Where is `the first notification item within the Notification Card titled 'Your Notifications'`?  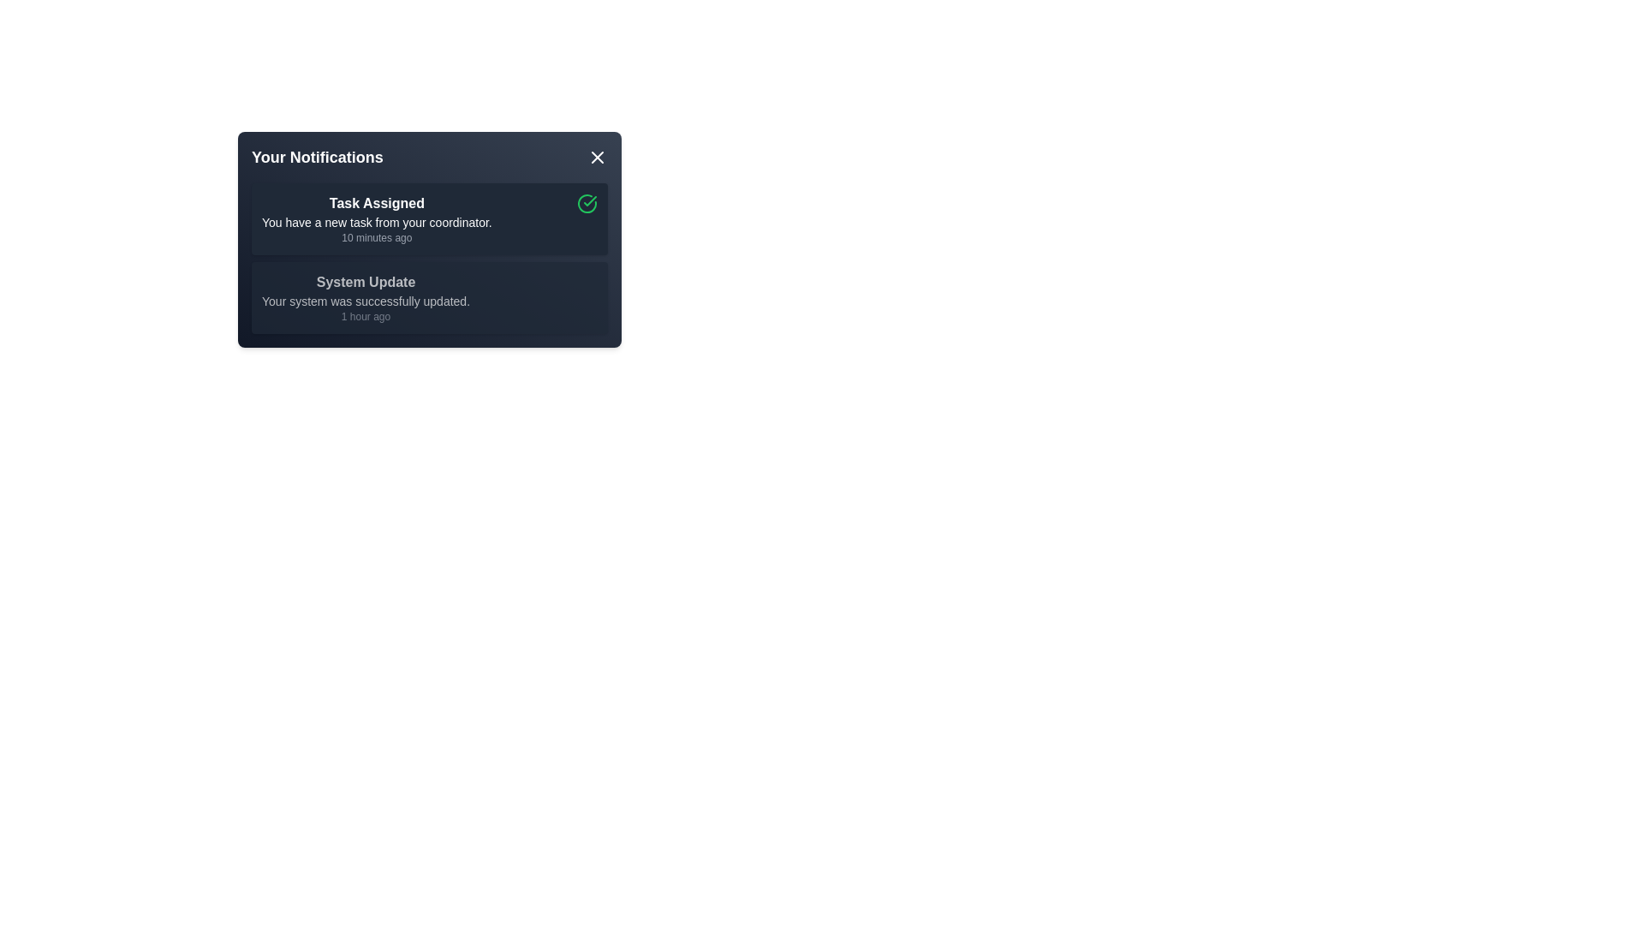 the first notification item within the Notification Card titled 'Your Notifications' is located at coordinates (430, 240).